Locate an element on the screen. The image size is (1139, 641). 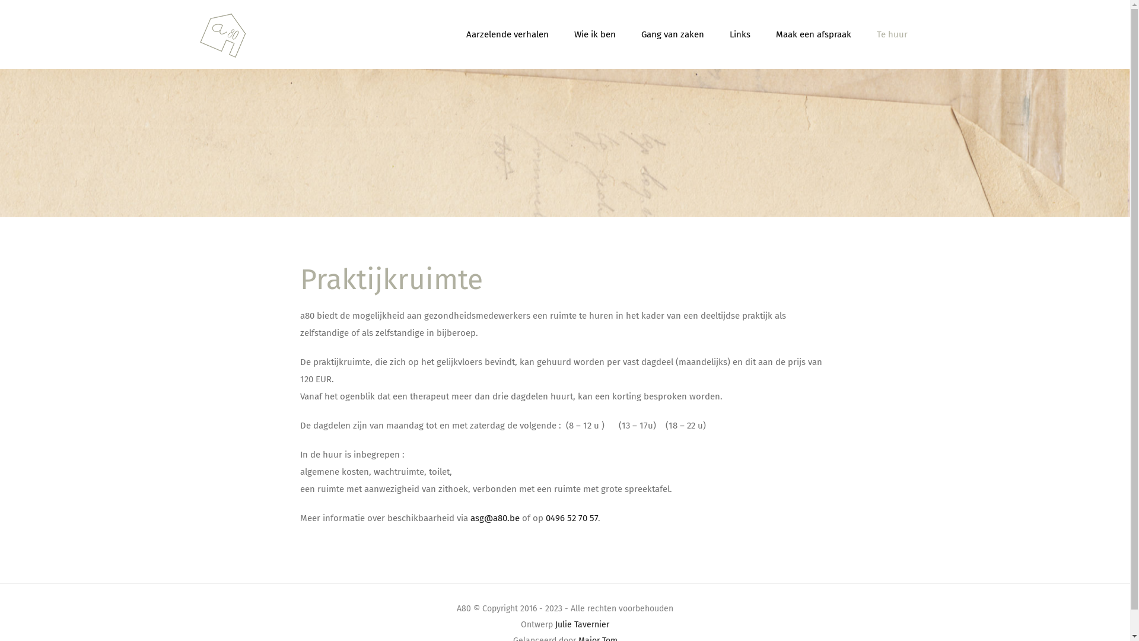
'Gang van zaken' is located at coordinates (672, 33).